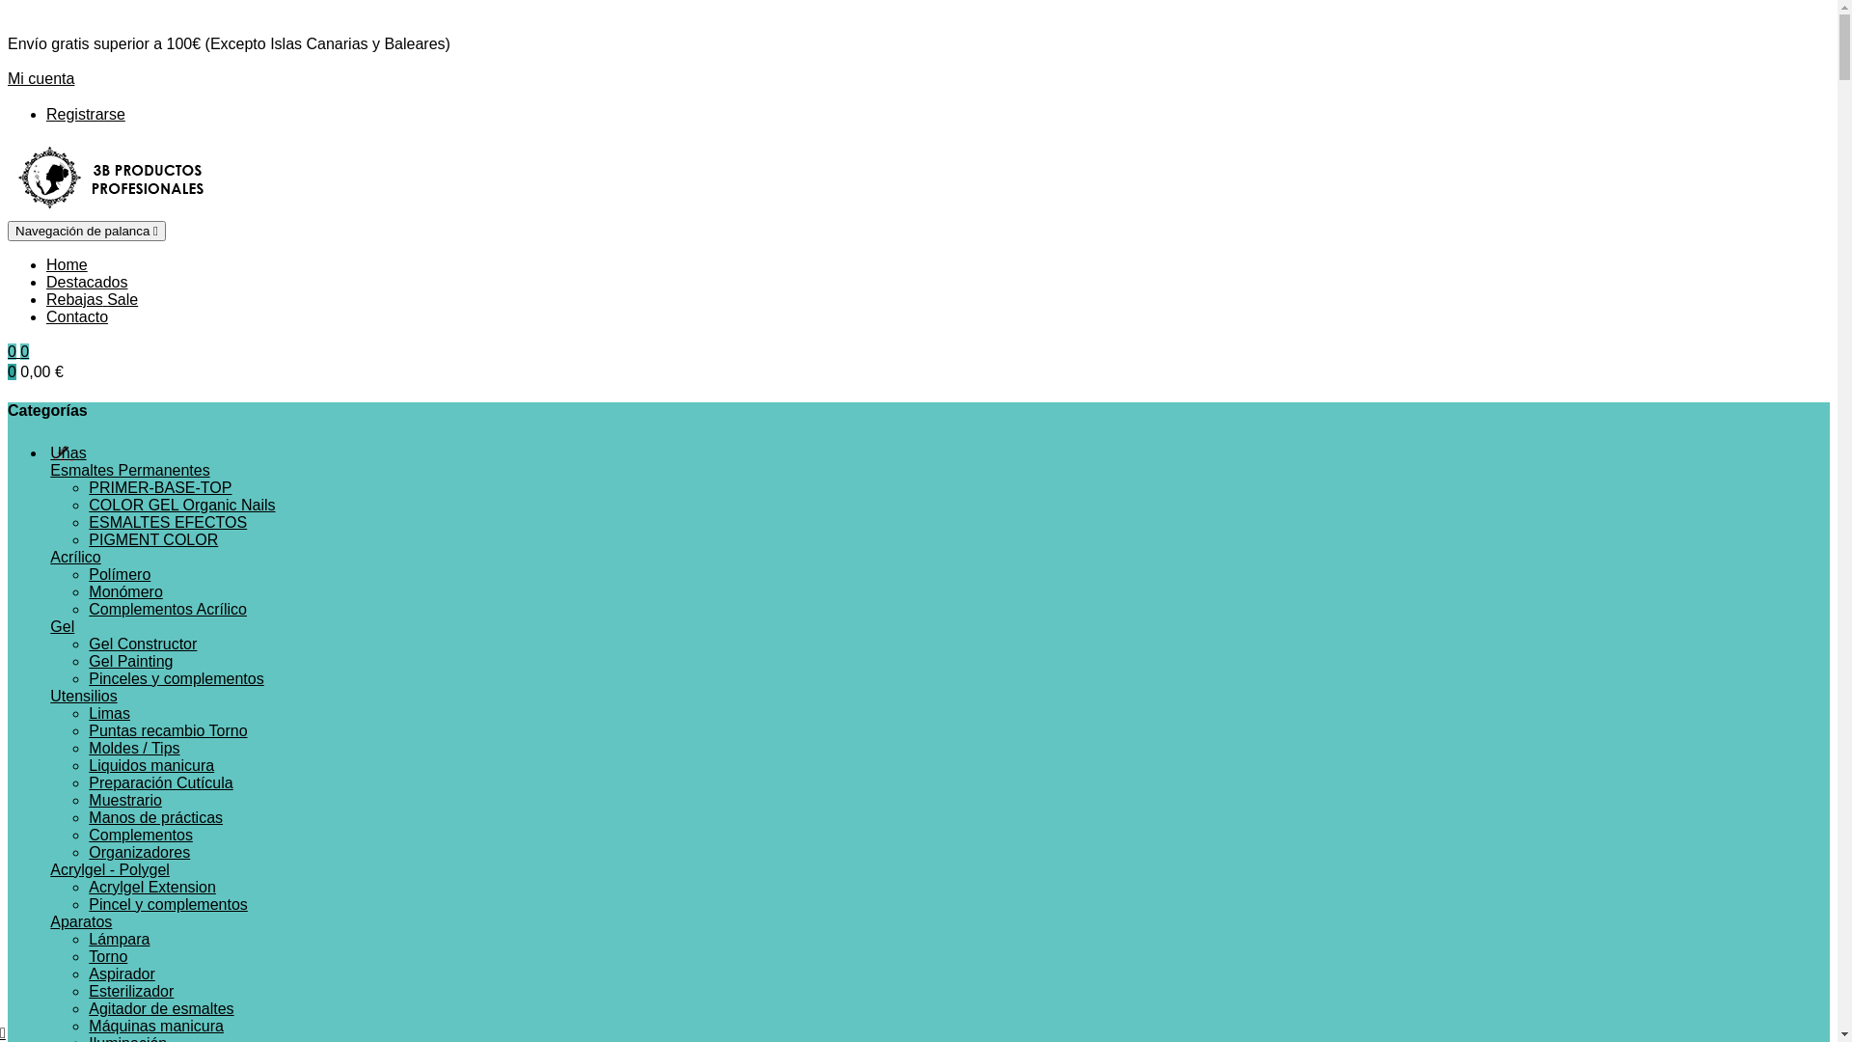 The height and width of the screenshot is (1042, 1852). I want to click on 'Gel Painting', so click(129, 660).